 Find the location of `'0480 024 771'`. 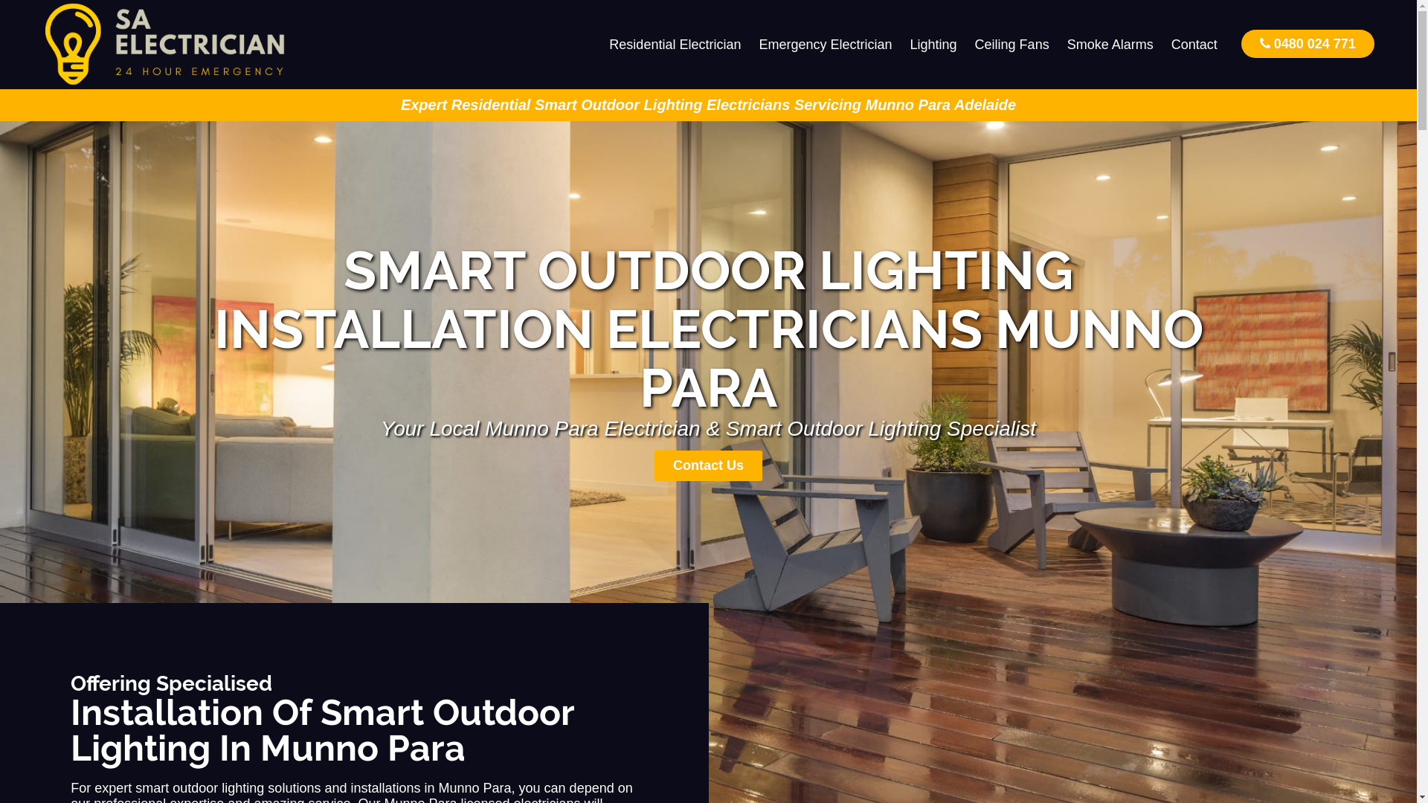

'0480 024 771' is located at coordinates (1307, 42).